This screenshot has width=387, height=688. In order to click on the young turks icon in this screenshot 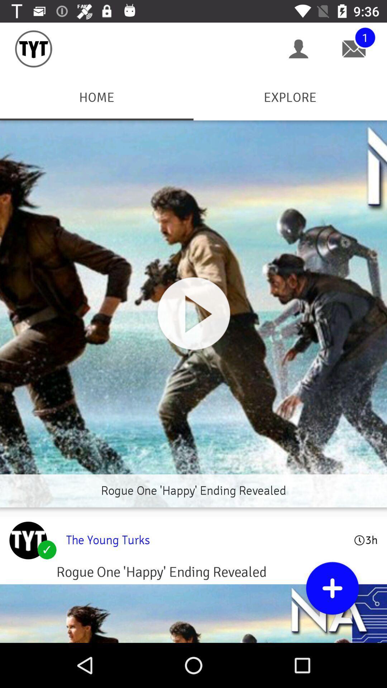, I will do `click(205, 540)`.